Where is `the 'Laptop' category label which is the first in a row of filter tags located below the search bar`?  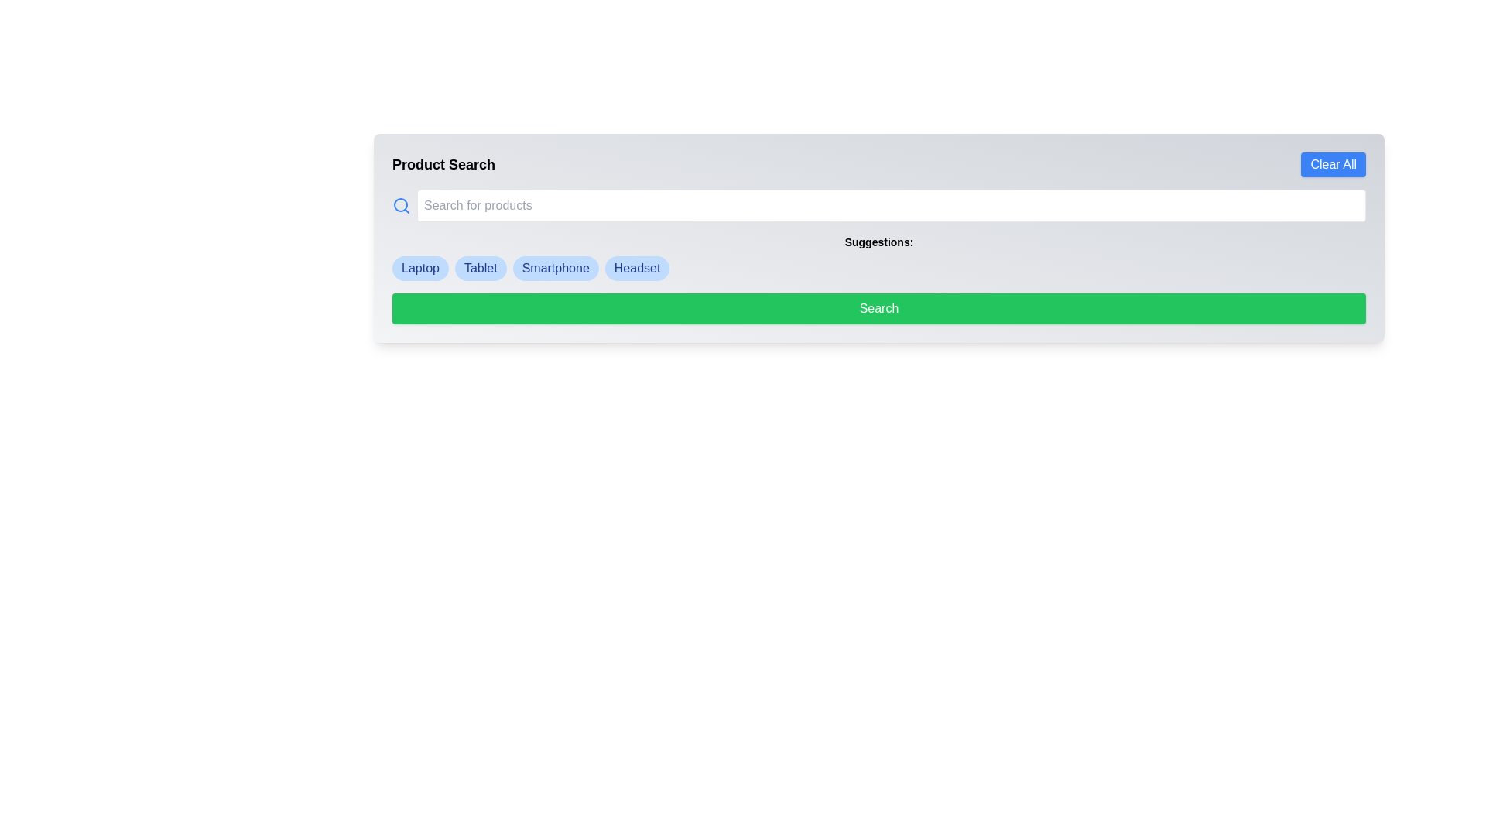
the 'Laptop' category label which is the first in a row of filter tags located below the search bar is located at coordinates (420, 268).